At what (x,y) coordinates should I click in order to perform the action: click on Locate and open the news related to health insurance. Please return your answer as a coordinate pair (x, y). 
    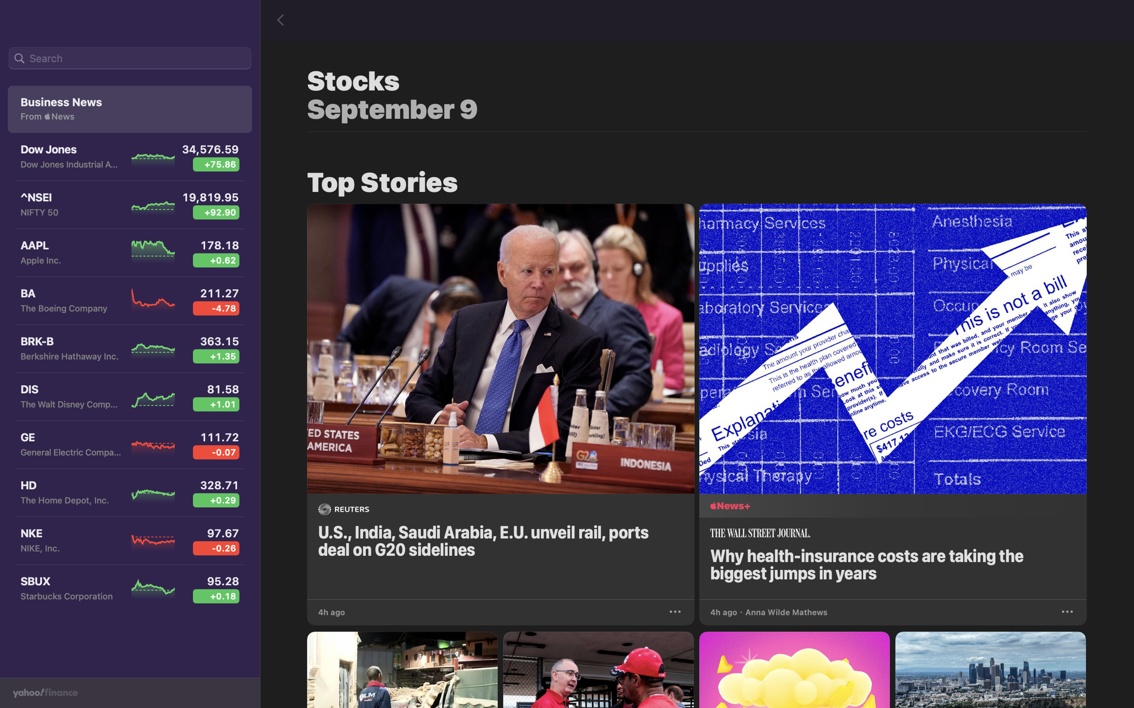
    Looking at the image, I should click on (895, 399).